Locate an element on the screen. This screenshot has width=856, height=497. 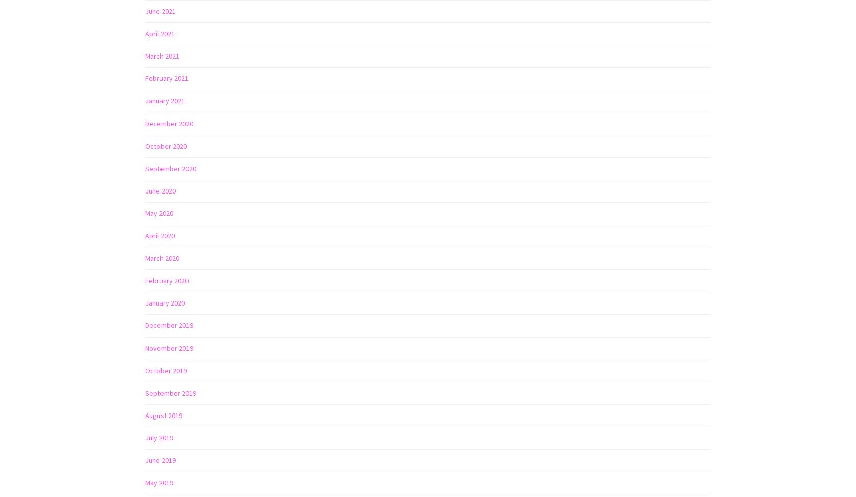
'June 2019' is located at coordinates (160, 459).